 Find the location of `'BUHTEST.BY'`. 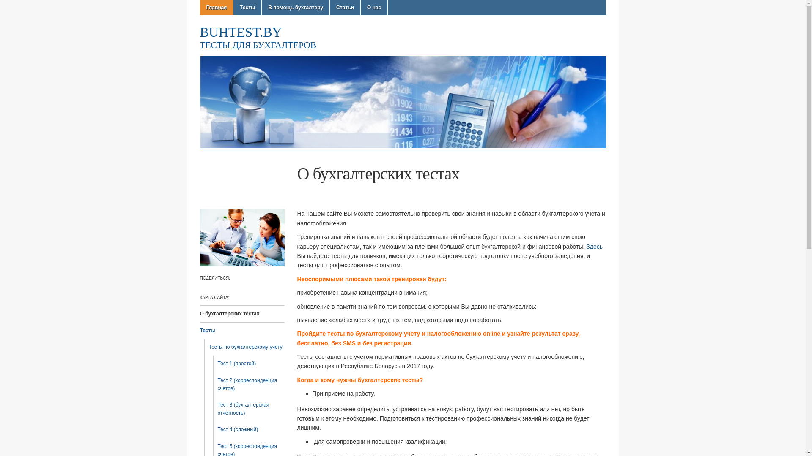

'BUHTEST.BY' is located at coordinates (240, 32).